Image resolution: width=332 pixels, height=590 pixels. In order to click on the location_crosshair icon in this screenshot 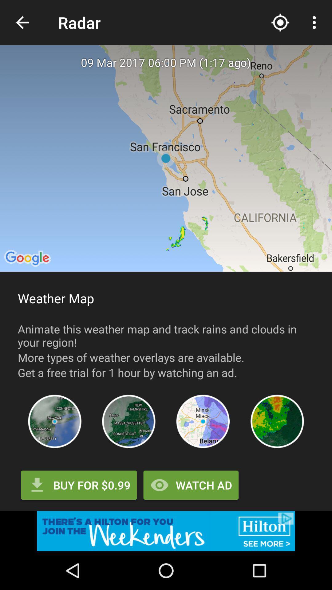, I will do `click(280, 17)`.